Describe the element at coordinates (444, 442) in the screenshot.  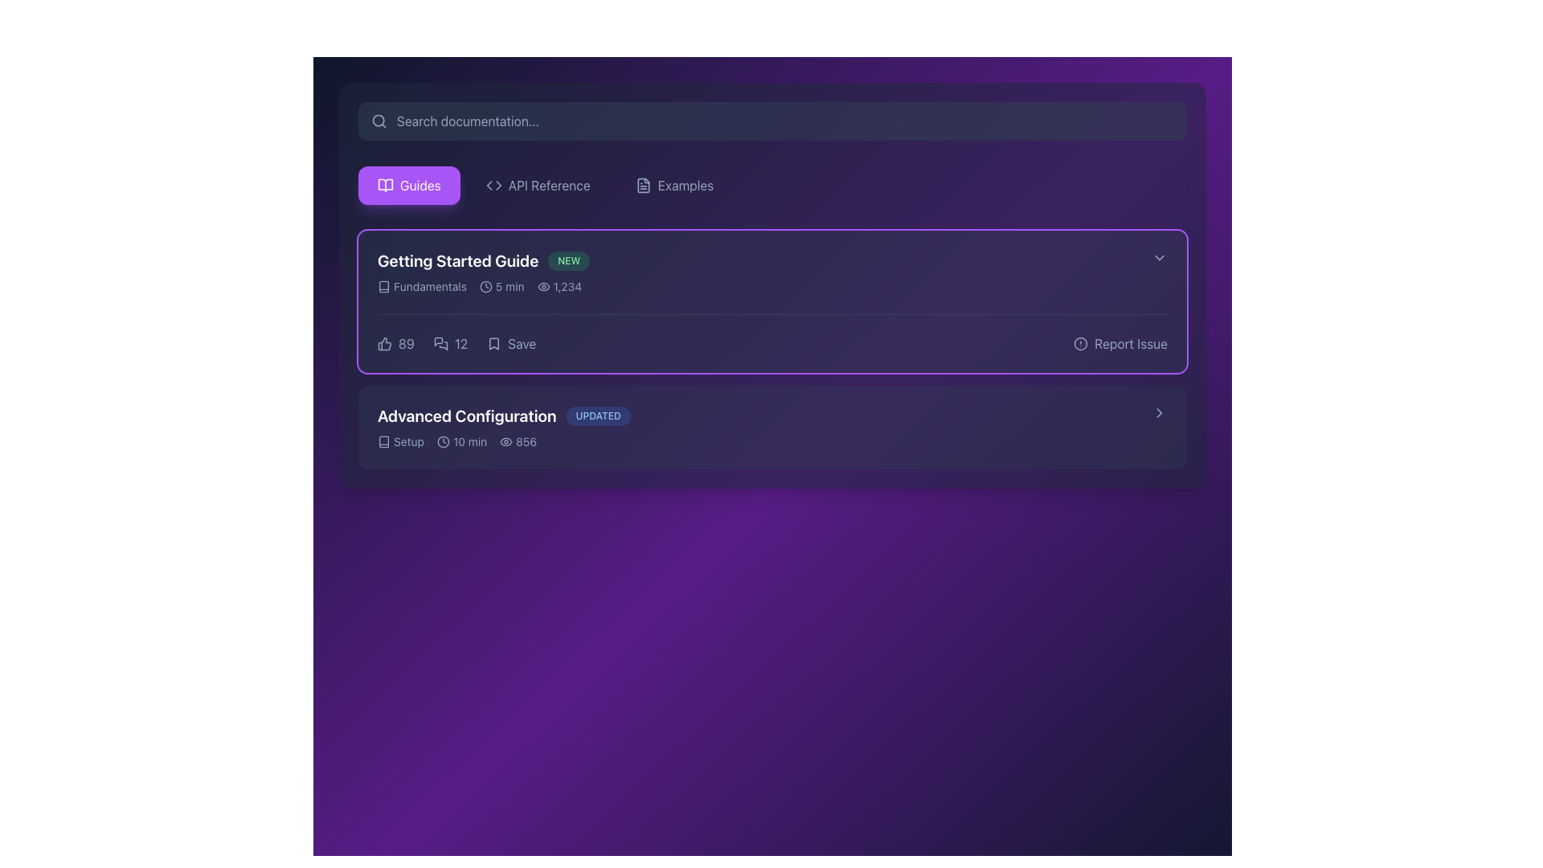
I see `the minimalist clock icon located to the left of the '10 min' text in the 'Advanced Configuration' section` at that location.